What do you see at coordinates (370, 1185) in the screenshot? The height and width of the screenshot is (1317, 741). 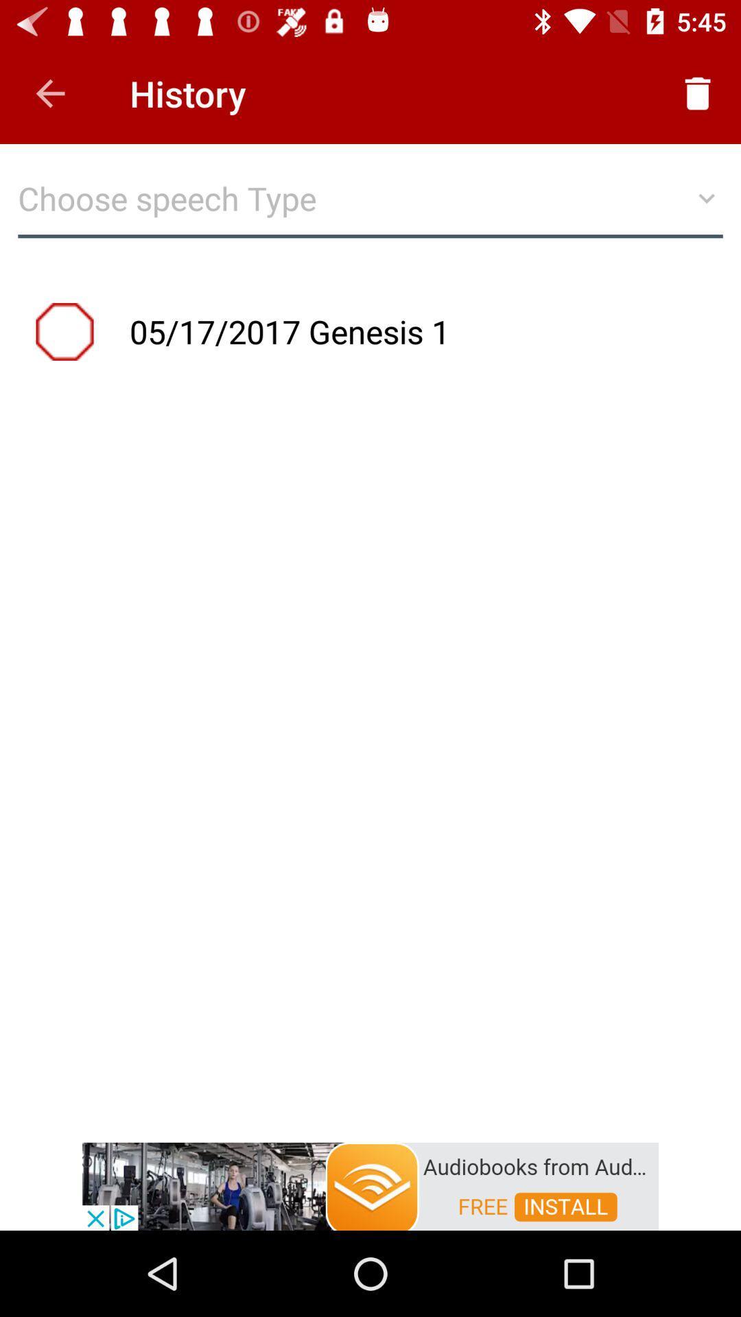 I see `audiobooks app` at bounding box center [370, 1185].